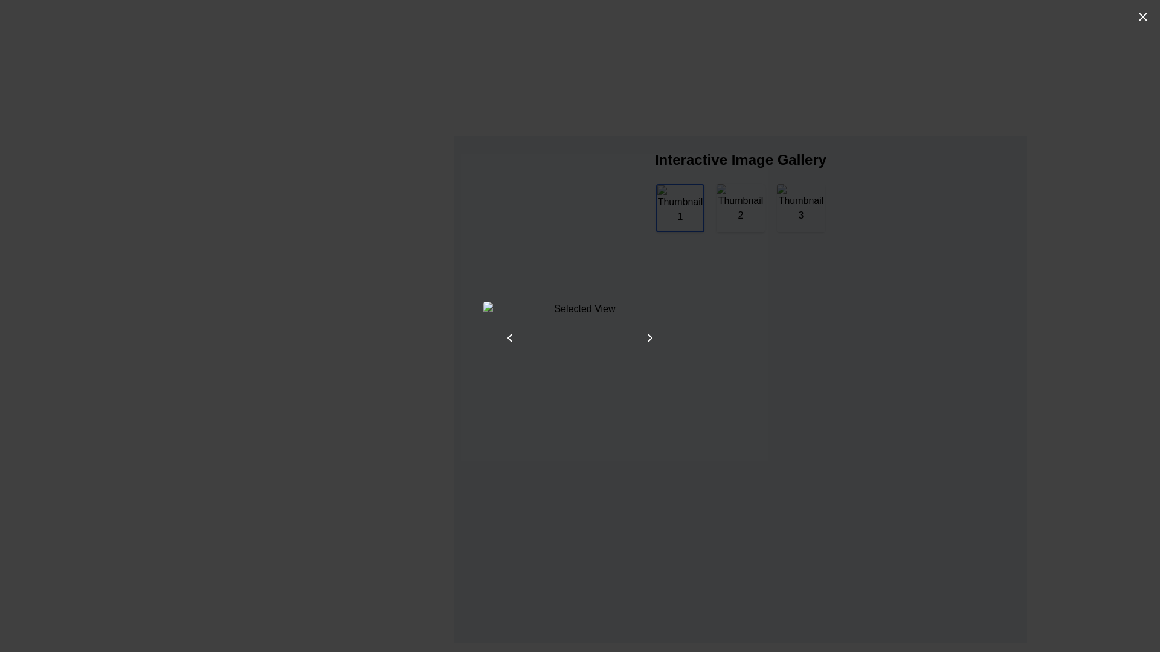  Describe the element at coordinates (680, 207) in the screenshot. I see `the first thumbnail image with associated text in the grid` at that location.